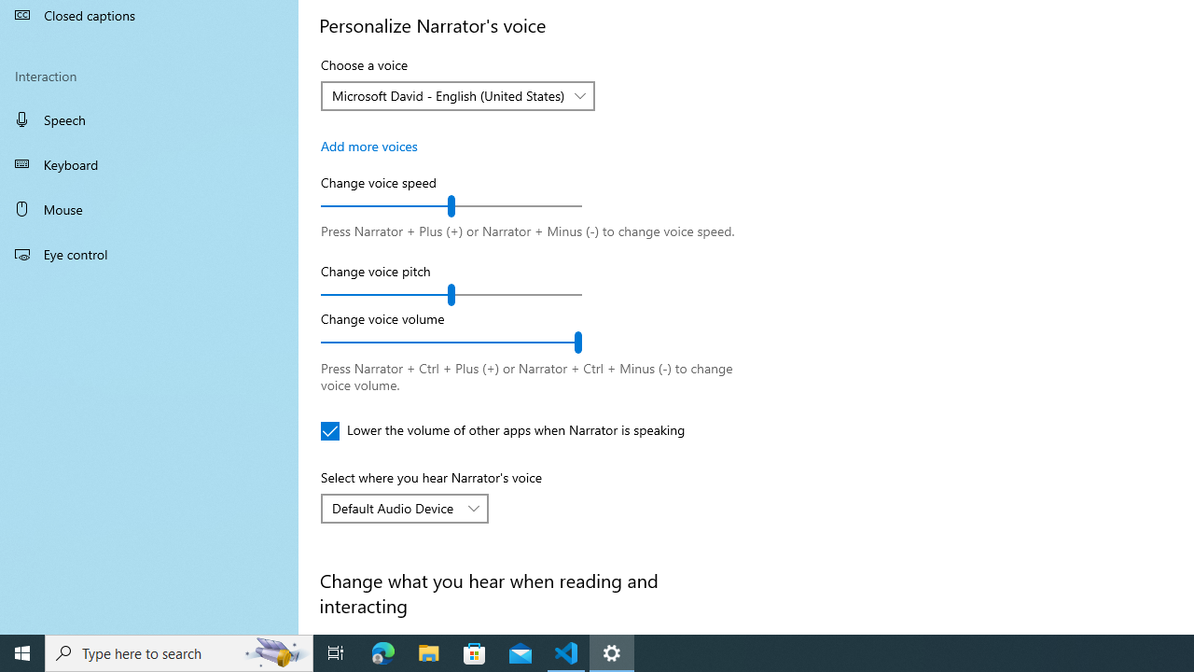  I want to click on 'Default Audio Device', so click(394, 508).